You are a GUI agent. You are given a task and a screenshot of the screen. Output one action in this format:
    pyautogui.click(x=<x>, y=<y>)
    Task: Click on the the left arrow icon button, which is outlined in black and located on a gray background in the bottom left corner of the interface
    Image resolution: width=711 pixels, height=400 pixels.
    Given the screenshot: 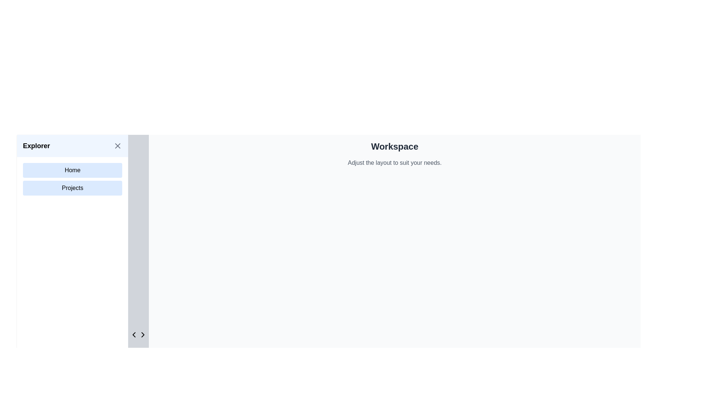 What is the action you would take?
    pyautogui.click(x=134, y=334)
    